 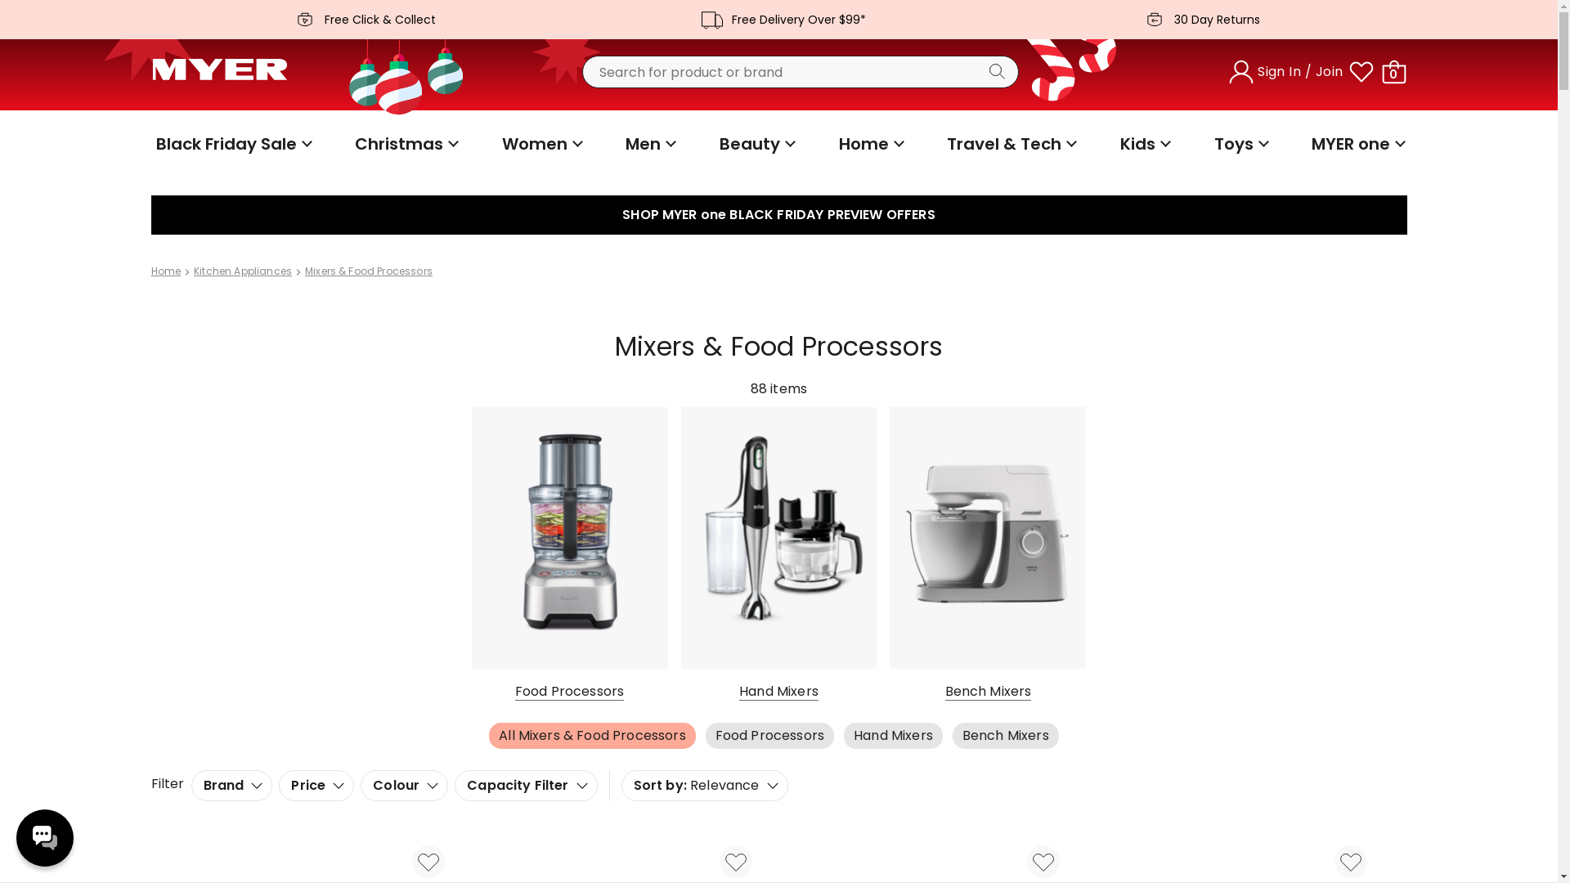 What do you see at coordinates (404, 784) in the screenshot?
I see `'Colour'` at bounding box center [404, 784].